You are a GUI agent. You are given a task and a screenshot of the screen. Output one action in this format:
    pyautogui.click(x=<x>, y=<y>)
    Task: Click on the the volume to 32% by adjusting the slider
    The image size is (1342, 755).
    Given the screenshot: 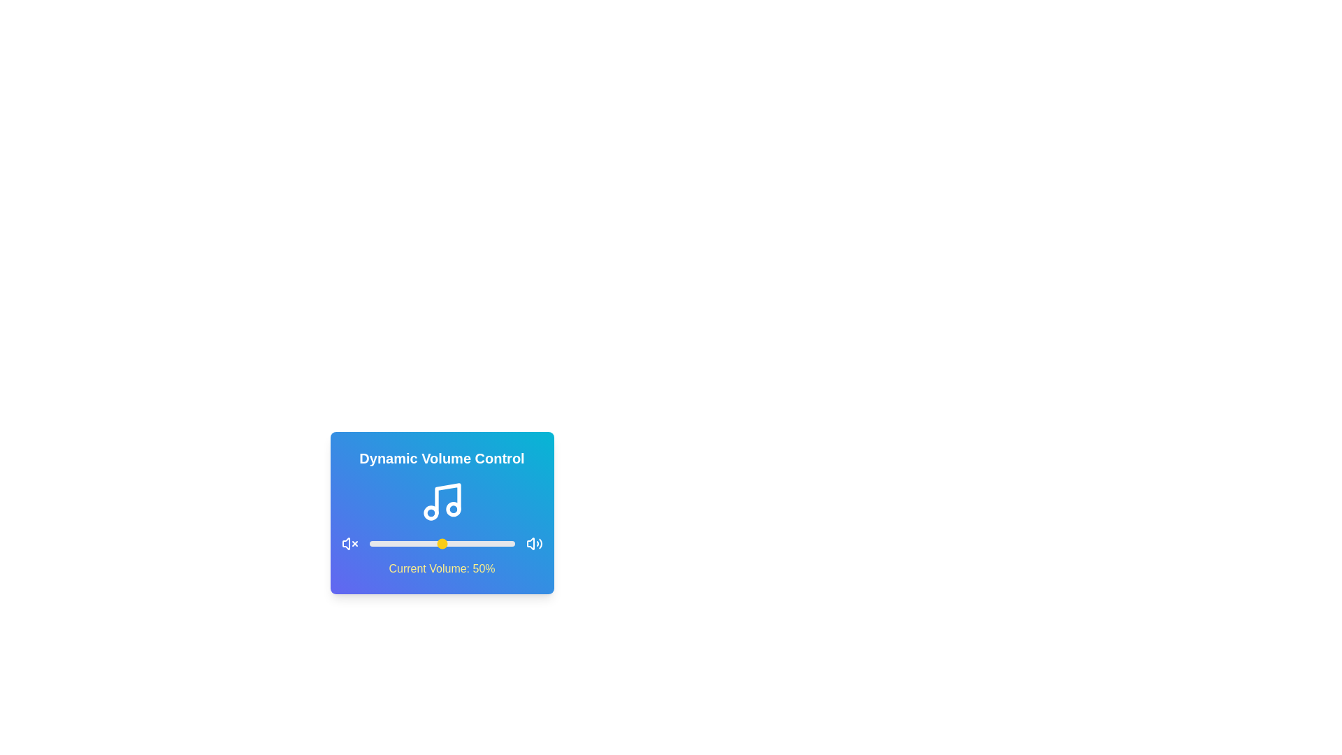 What is the action you would take?
    pyautogui.click(x=415, y=543)
    